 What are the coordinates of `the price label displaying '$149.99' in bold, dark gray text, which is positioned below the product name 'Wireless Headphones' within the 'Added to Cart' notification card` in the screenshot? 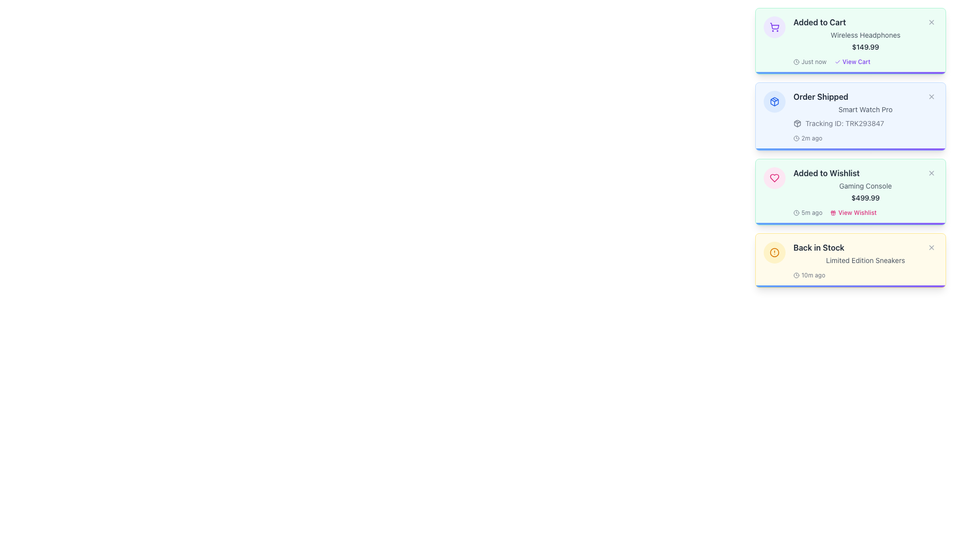 It's located at (865, 47).